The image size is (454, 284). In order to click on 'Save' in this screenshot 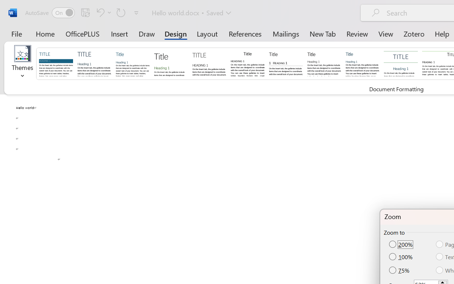, I will do `click(85, 12)`.